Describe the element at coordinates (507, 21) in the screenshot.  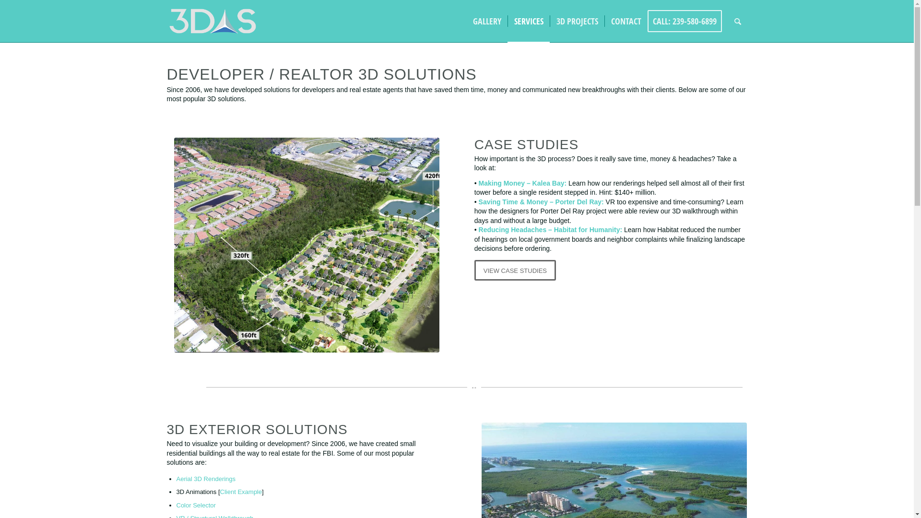
I see `'SERVICES'` at that location.